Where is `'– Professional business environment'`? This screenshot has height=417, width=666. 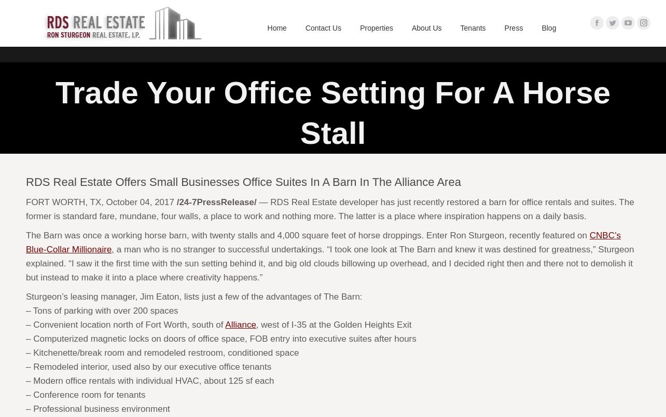 '– Professional business environment' is located at coordinates (97, 408).